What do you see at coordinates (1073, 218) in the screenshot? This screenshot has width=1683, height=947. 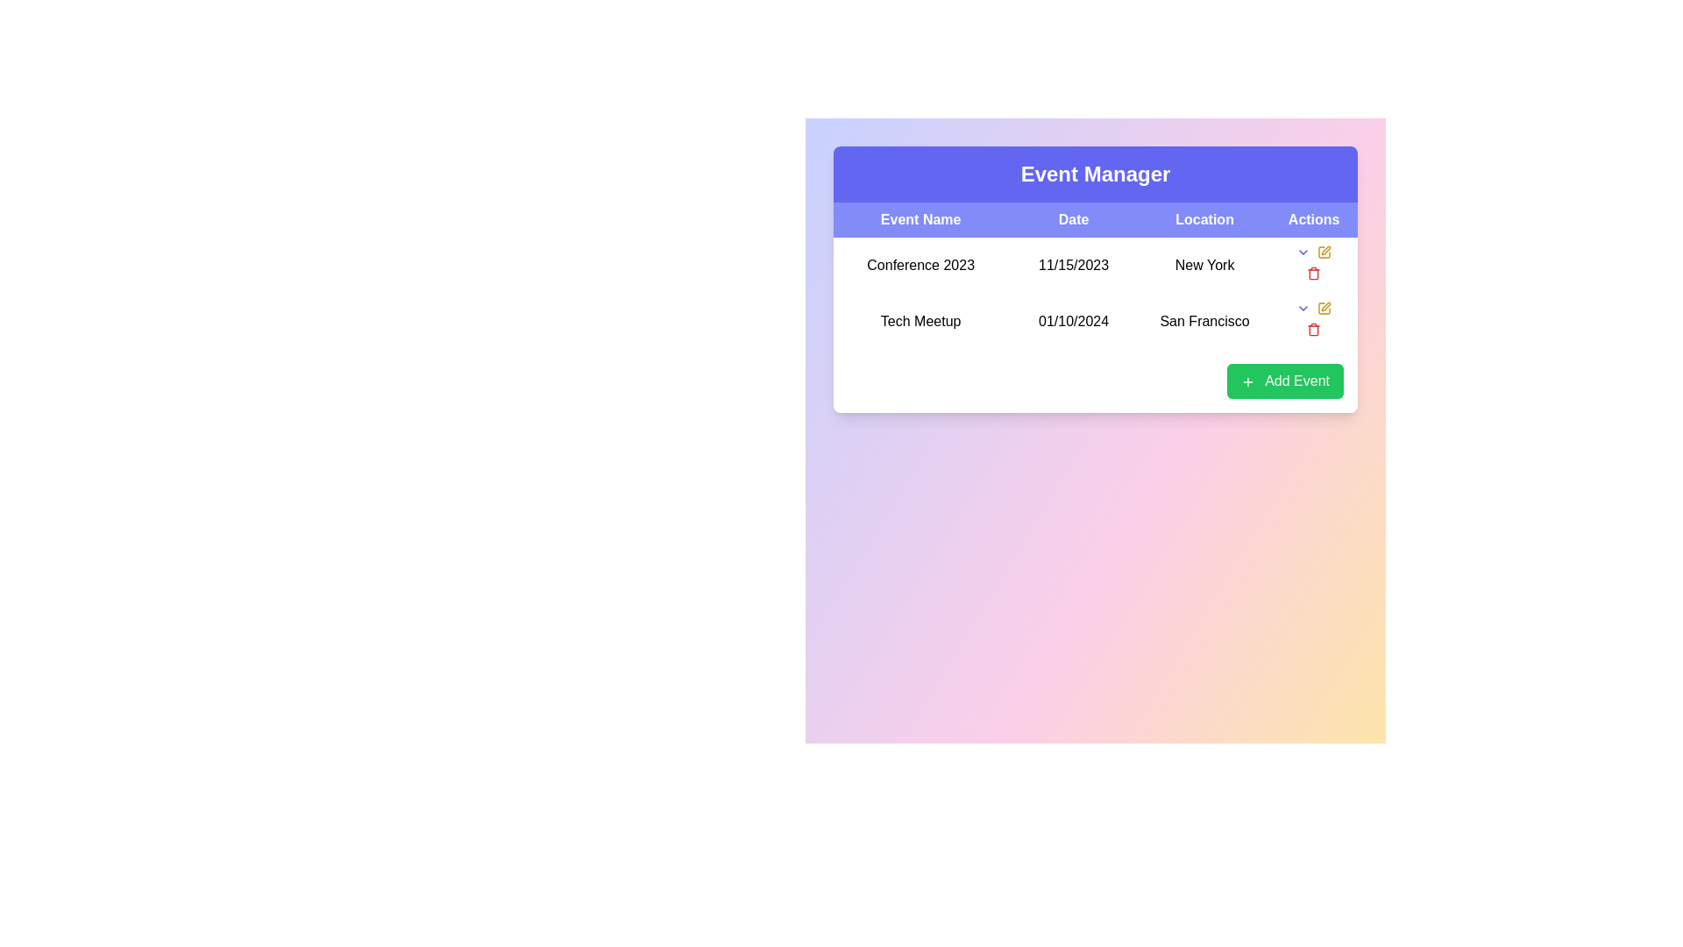 I see `the second header cell in the 'Event Manager' section of the table, which labels the column containing date values for events` at bounding box center [1073, 218].